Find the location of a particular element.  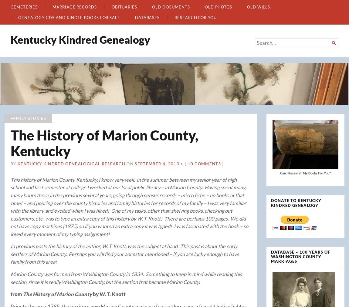

'Obituaries' is located at coordinates (124, 6).